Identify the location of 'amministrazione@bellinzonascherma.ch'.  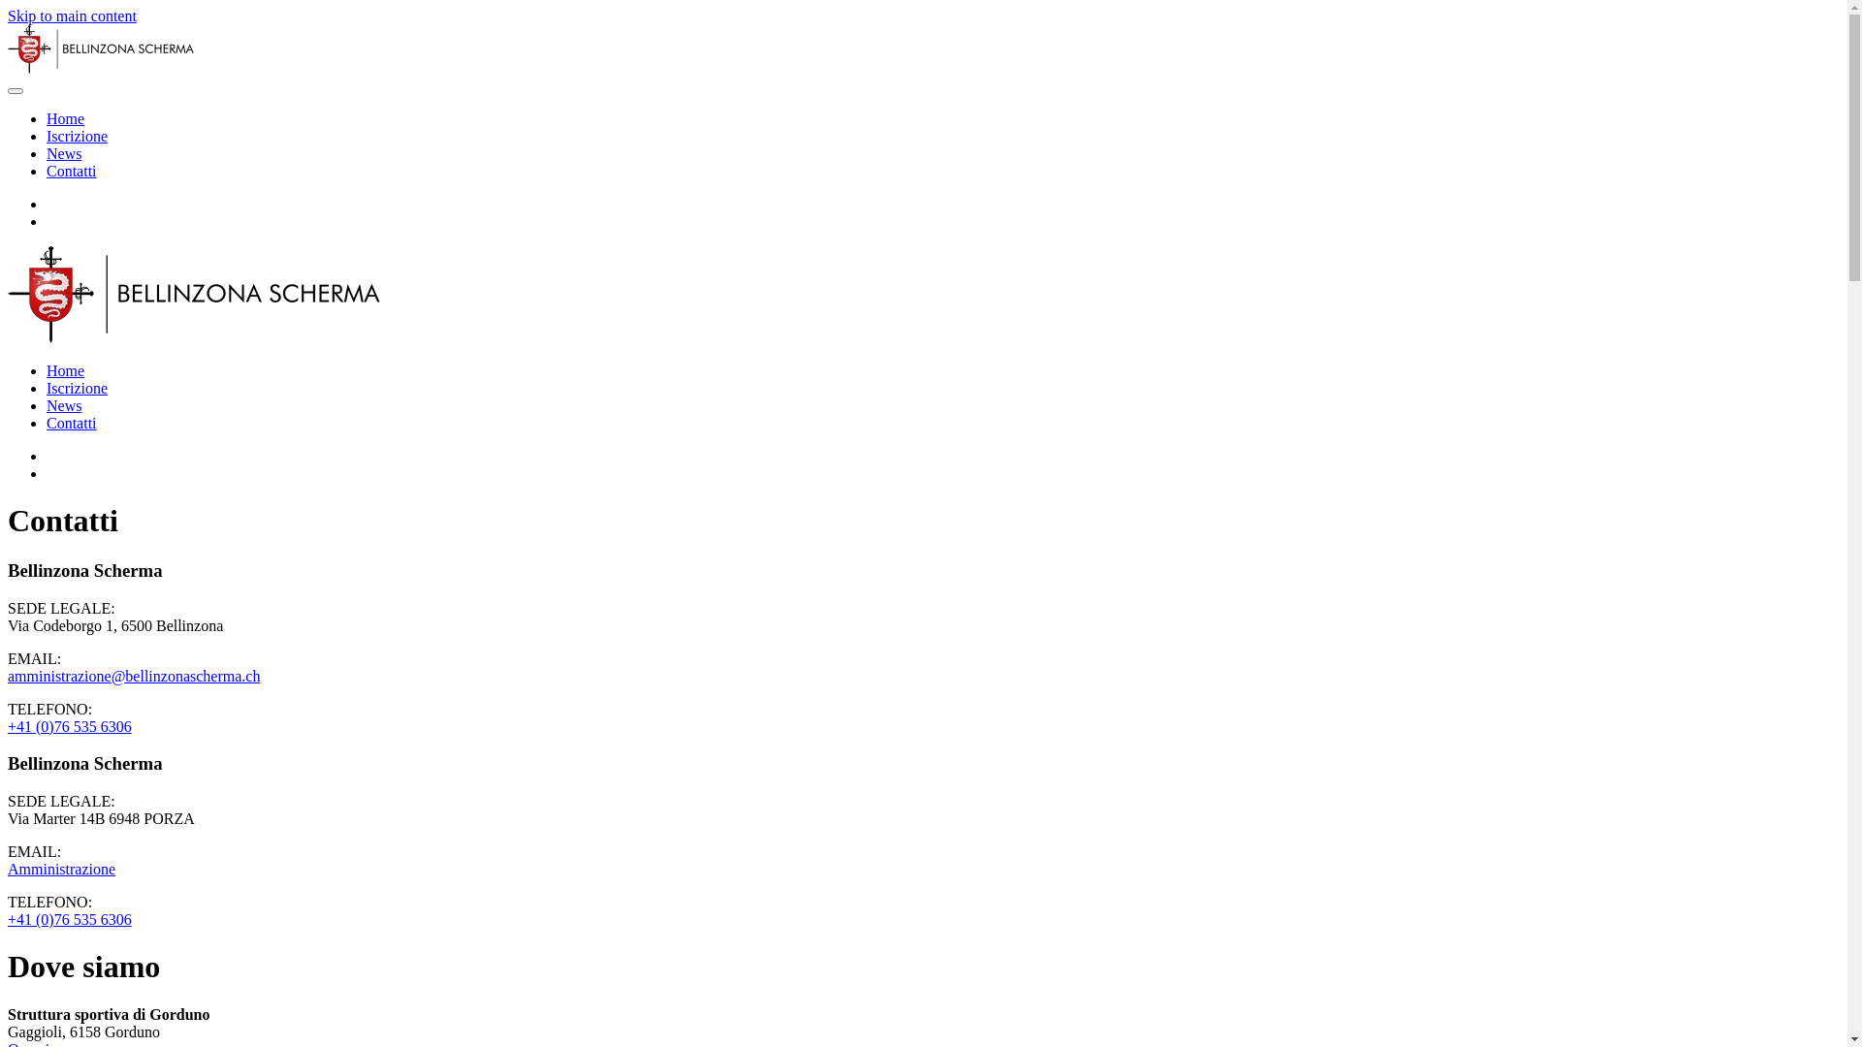
(133, 675).